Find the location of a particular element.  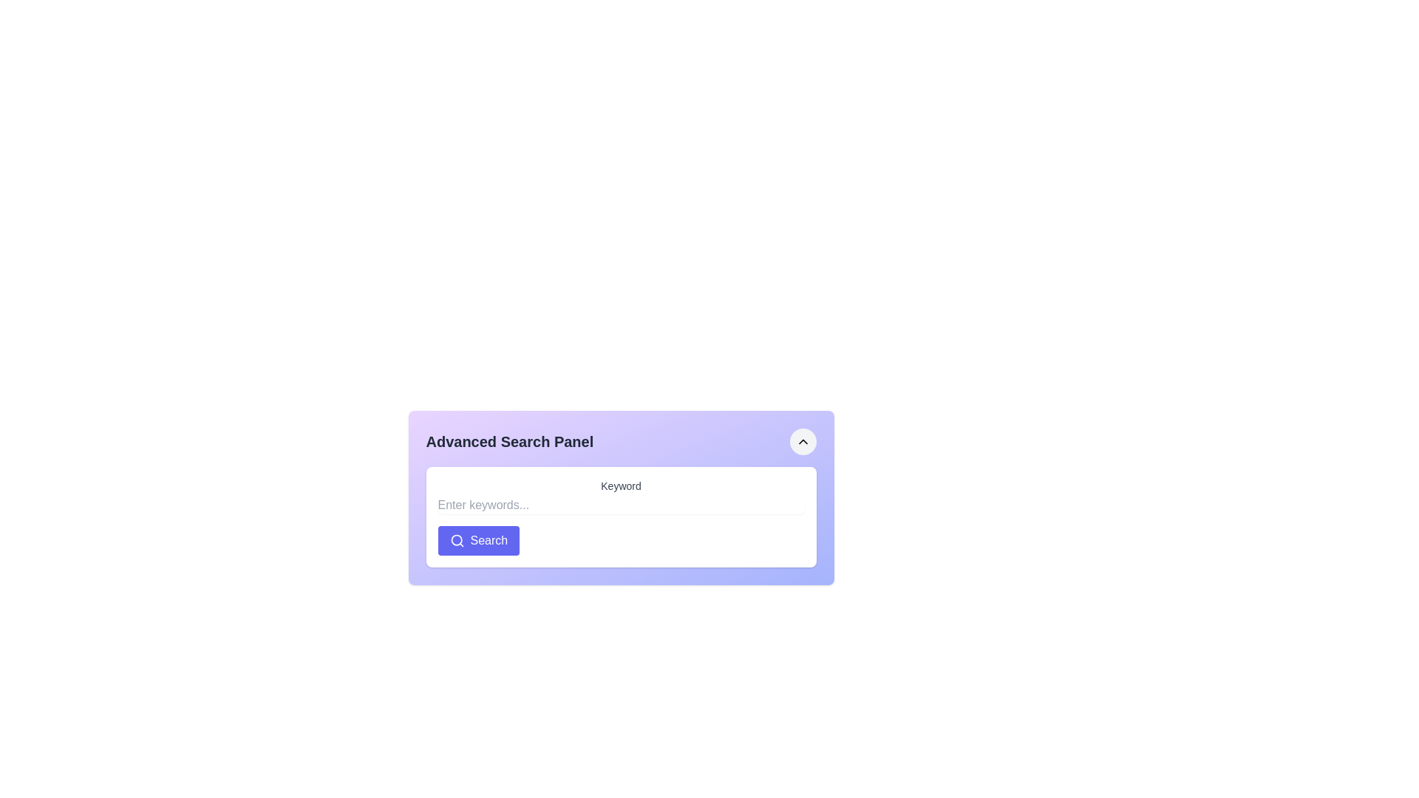

the upward-pointing chevron icon inside the rounded button at the top-right corner of the Advanced Search Panel is located at coordinates (802, 440).